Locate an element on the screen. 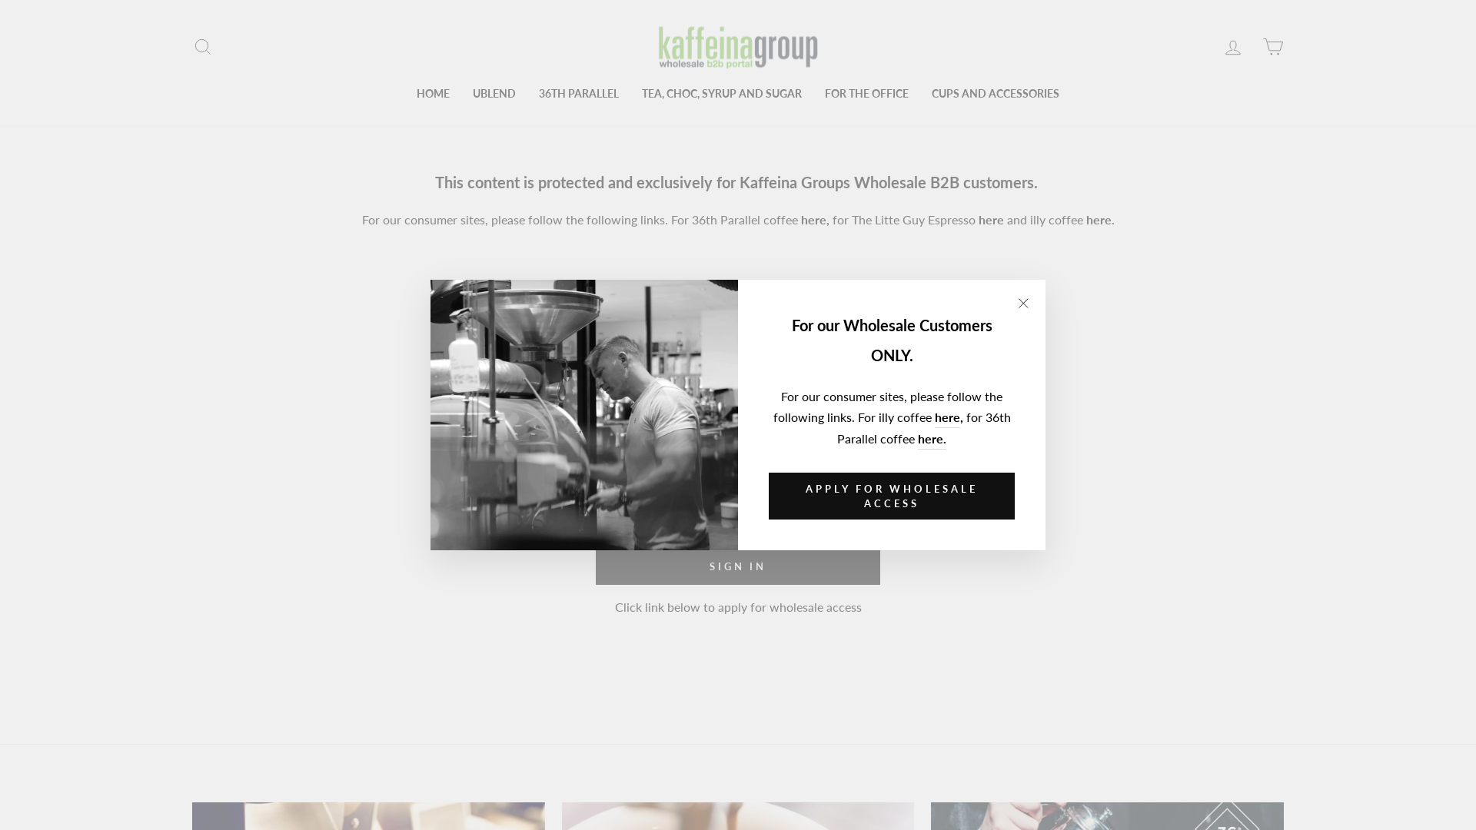  'CART' is located at coordinates (1273, 45).